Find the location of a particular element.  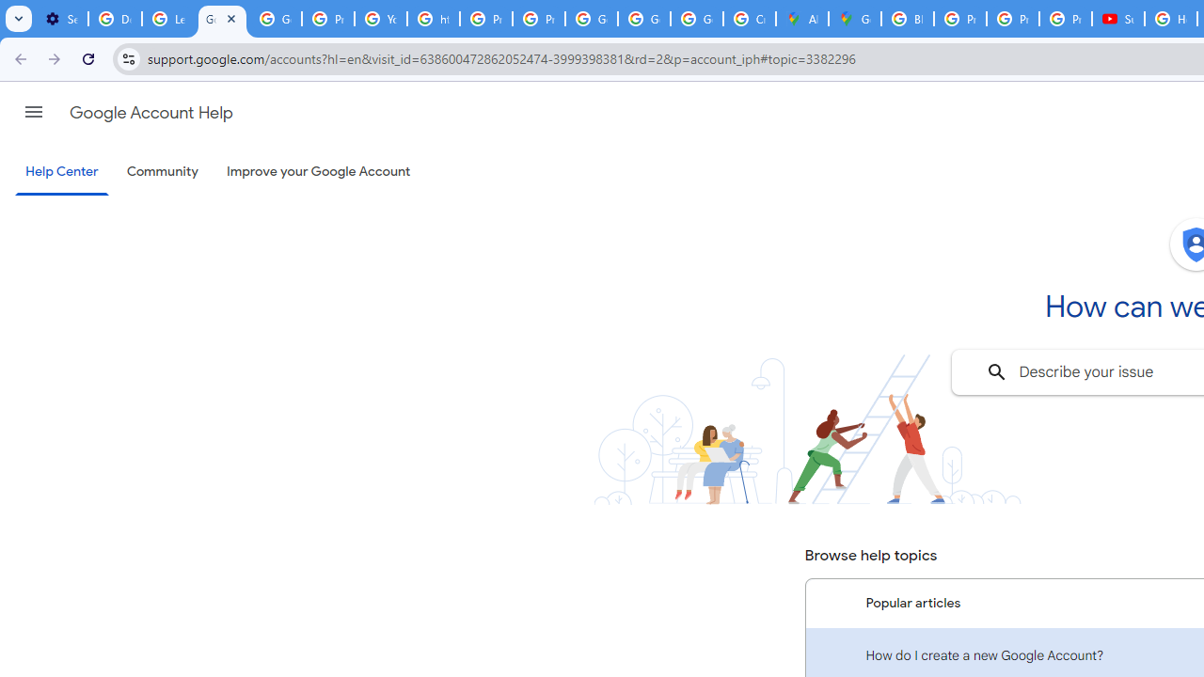

'Learn how to find your photos - Google Photos Help' is located at coordinates (168, 19).